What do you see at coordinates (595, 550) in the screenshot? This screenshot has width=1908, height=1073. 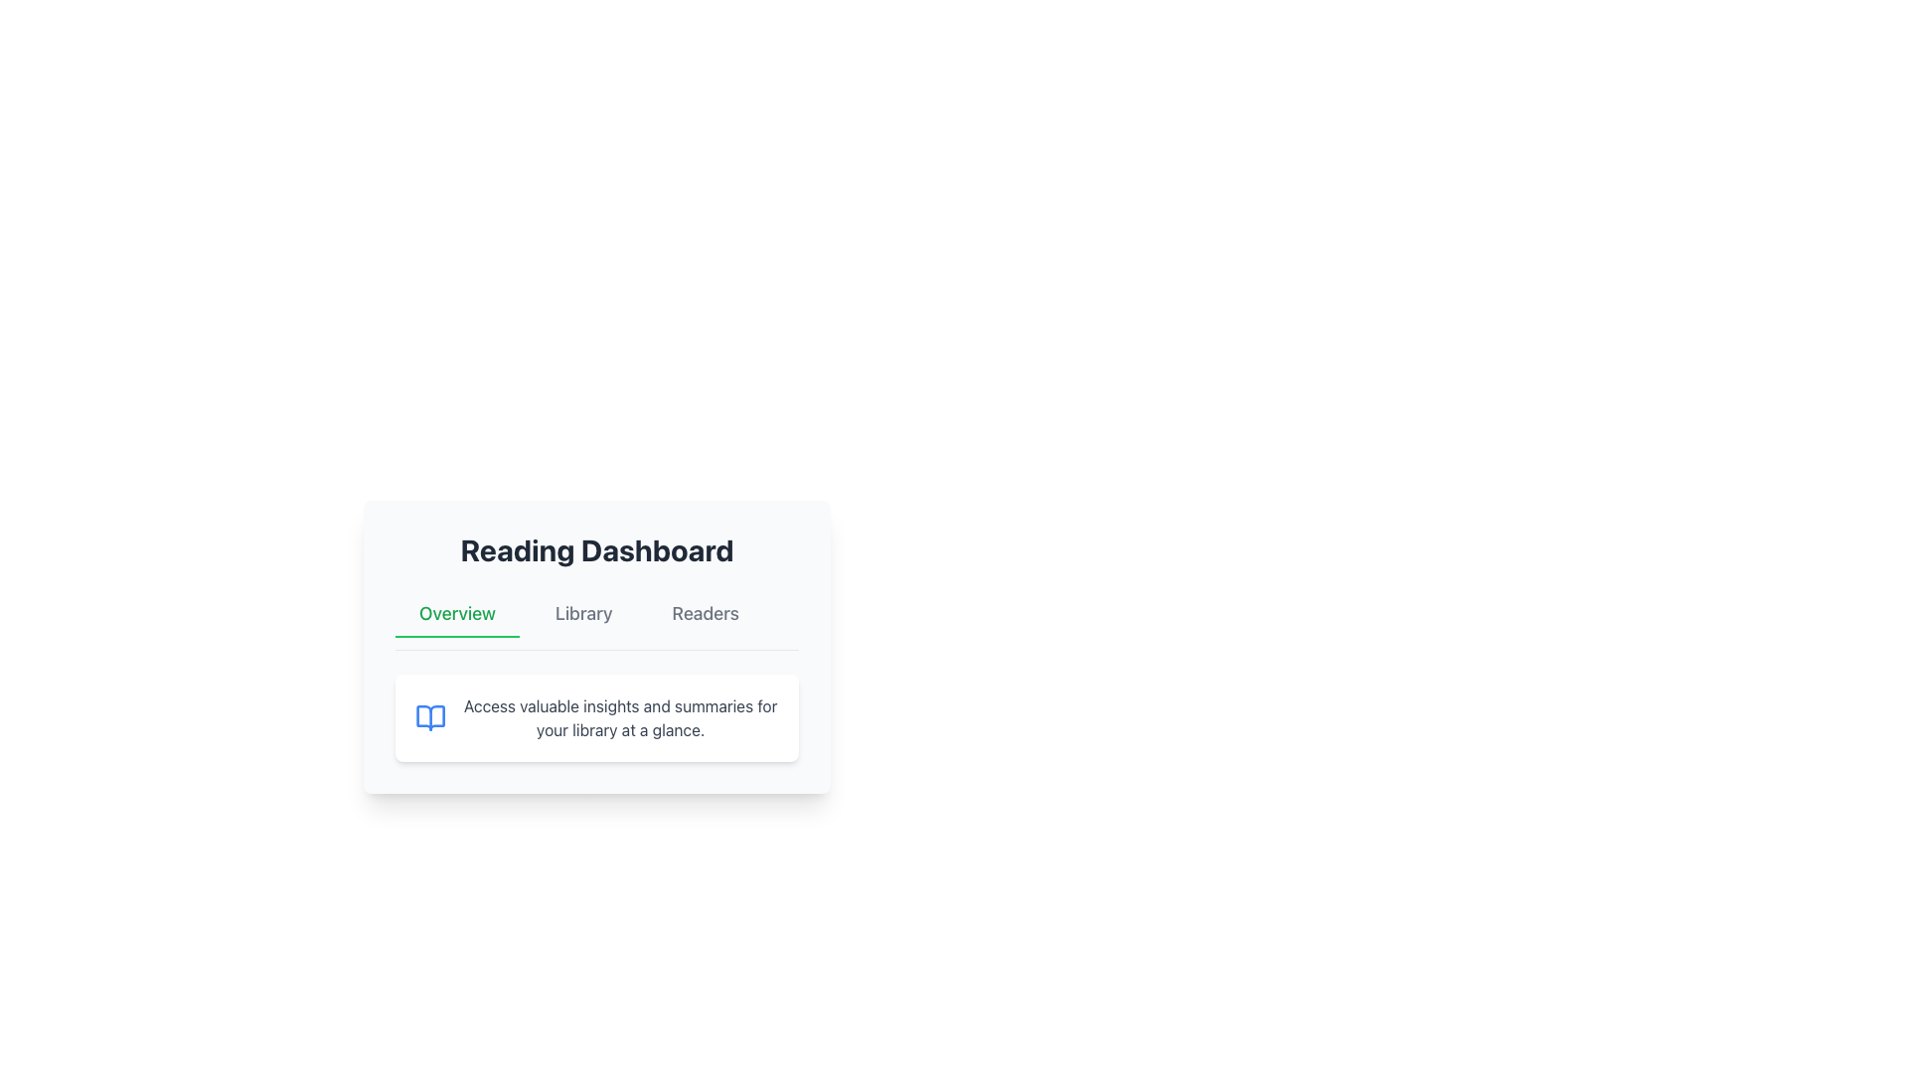 I see `the text label styled as a heading, which is labeled 'Reading Dashboard' and serves as a title for the content below` at bounding box center [595, 550].